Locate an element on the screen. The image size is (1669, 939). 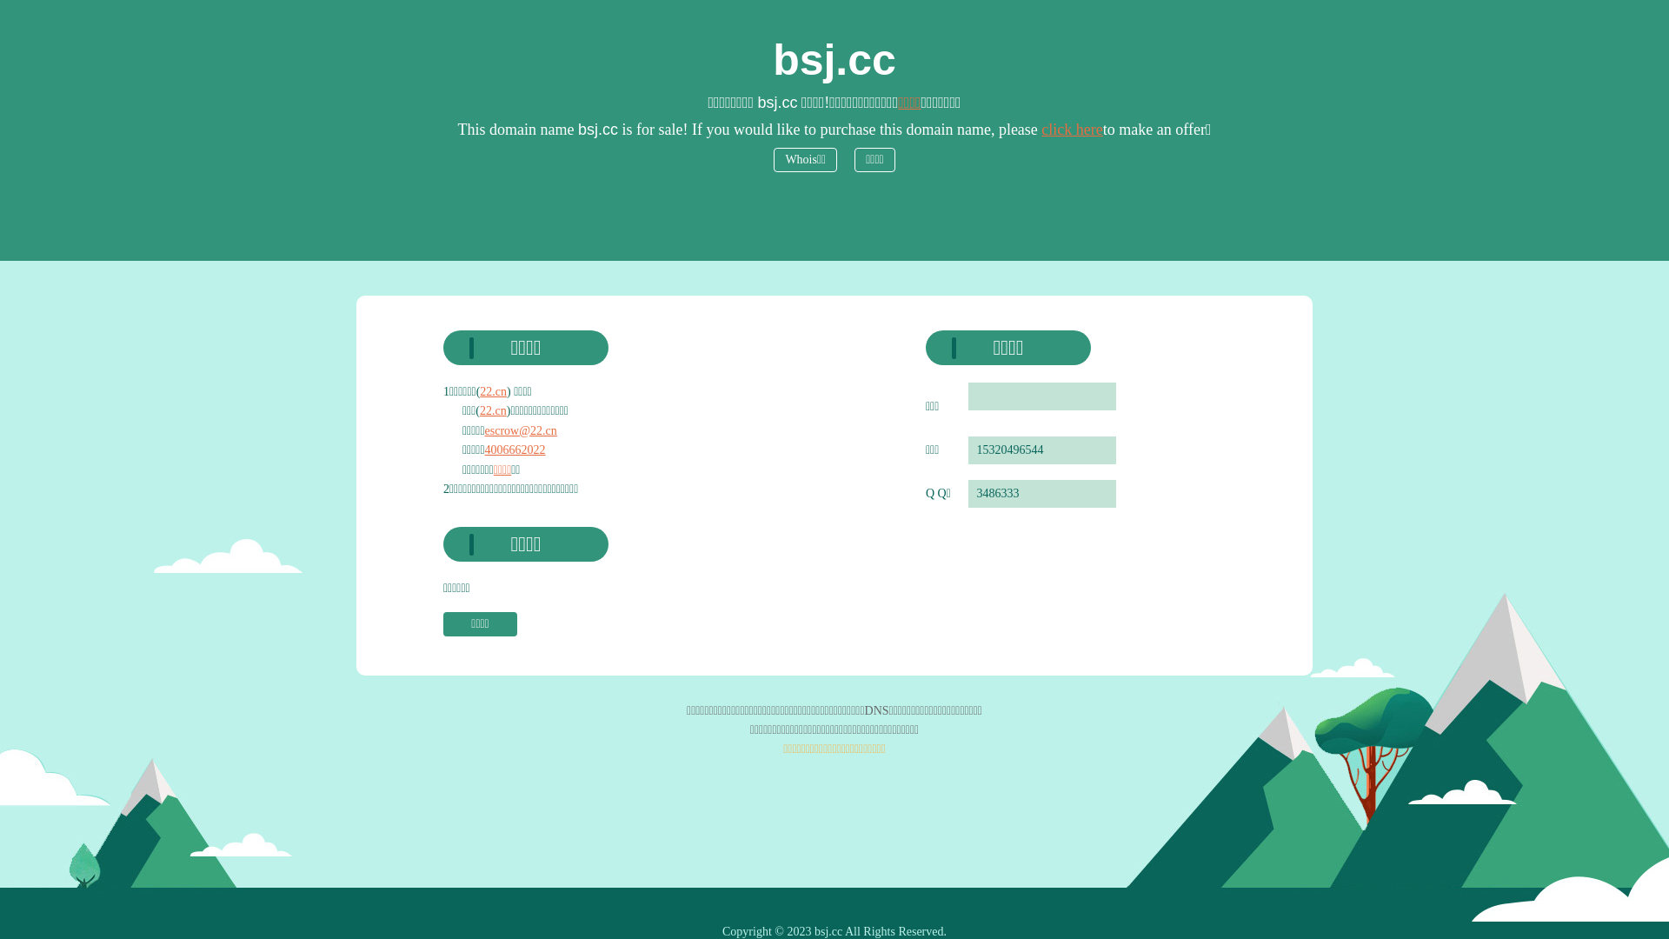
'click here' is located at coordinates (1071, 129).